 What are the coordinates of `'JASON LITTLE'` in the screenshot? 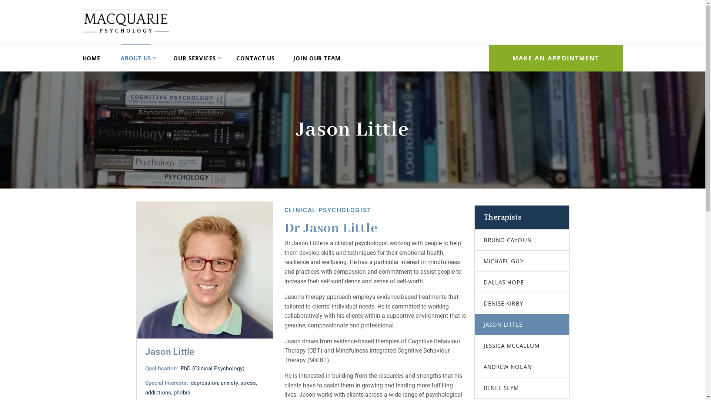 It's located at (521, 324).